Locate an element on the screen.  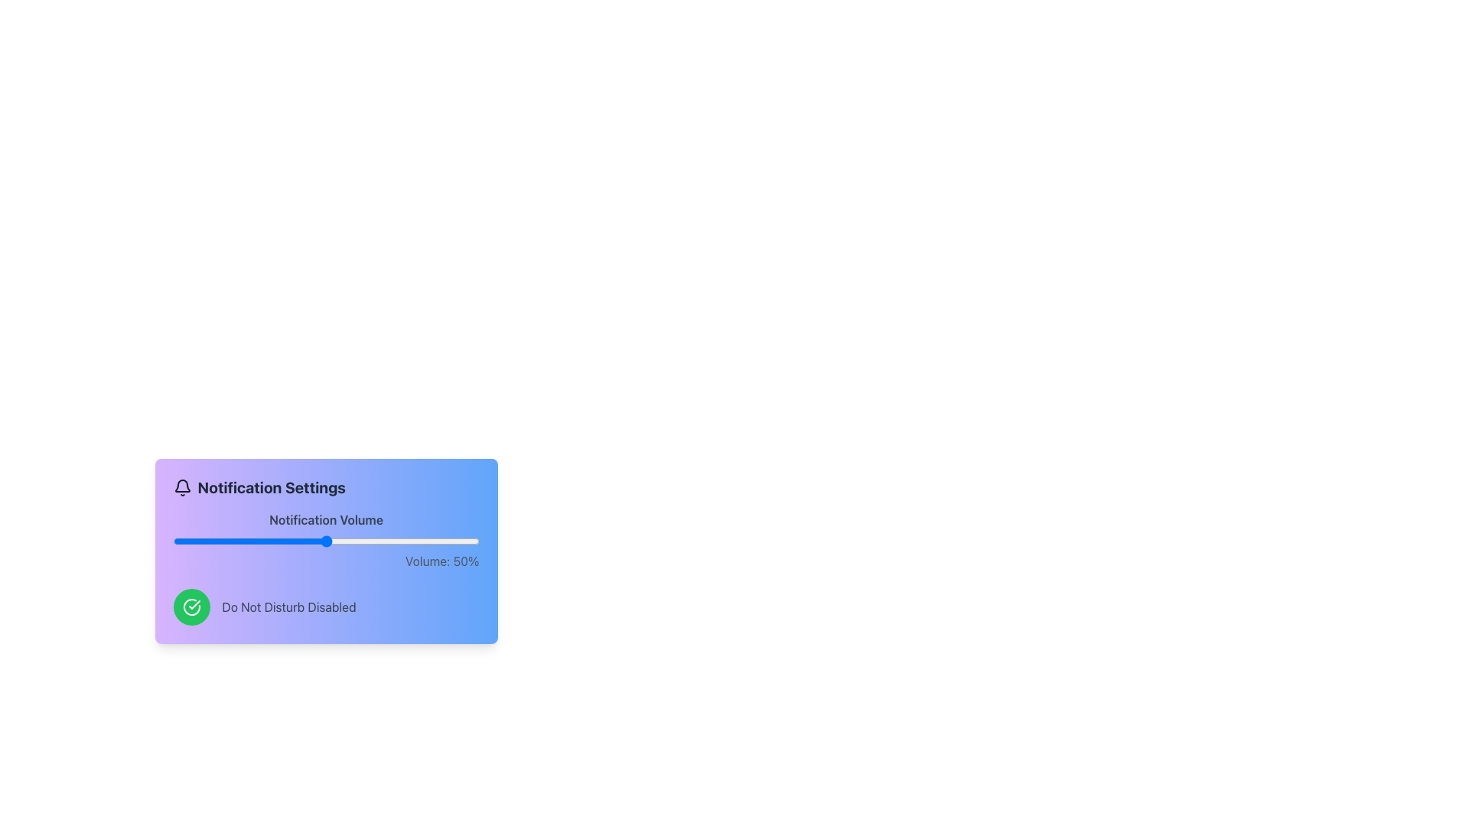
the notification volume is located at coordinates (319, 541).